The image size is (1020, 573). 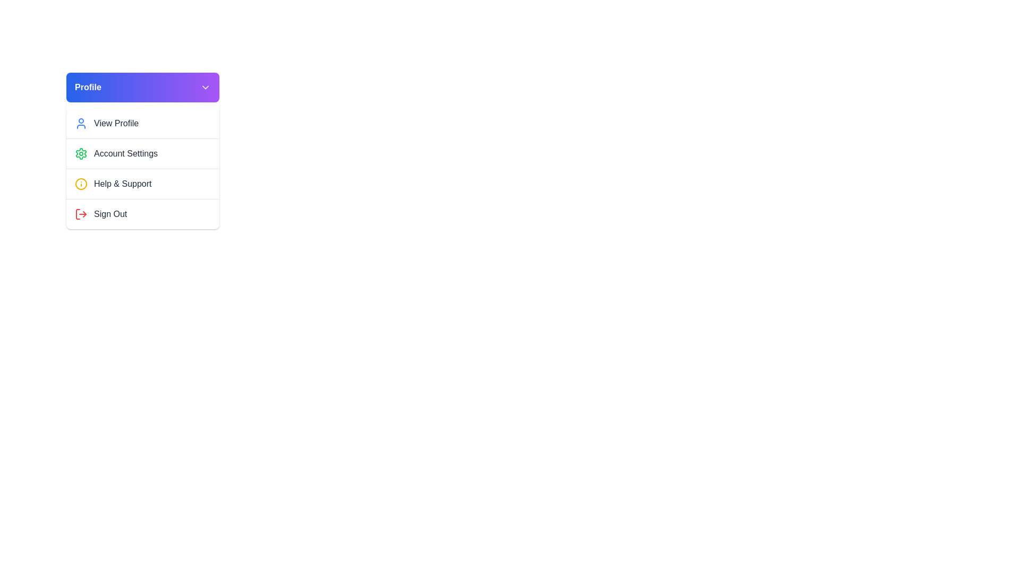 I want to click on the logout text label located at the bottom of the dropdown menu, visually indicating the action to log out of the application, so click(x=110, y=214).